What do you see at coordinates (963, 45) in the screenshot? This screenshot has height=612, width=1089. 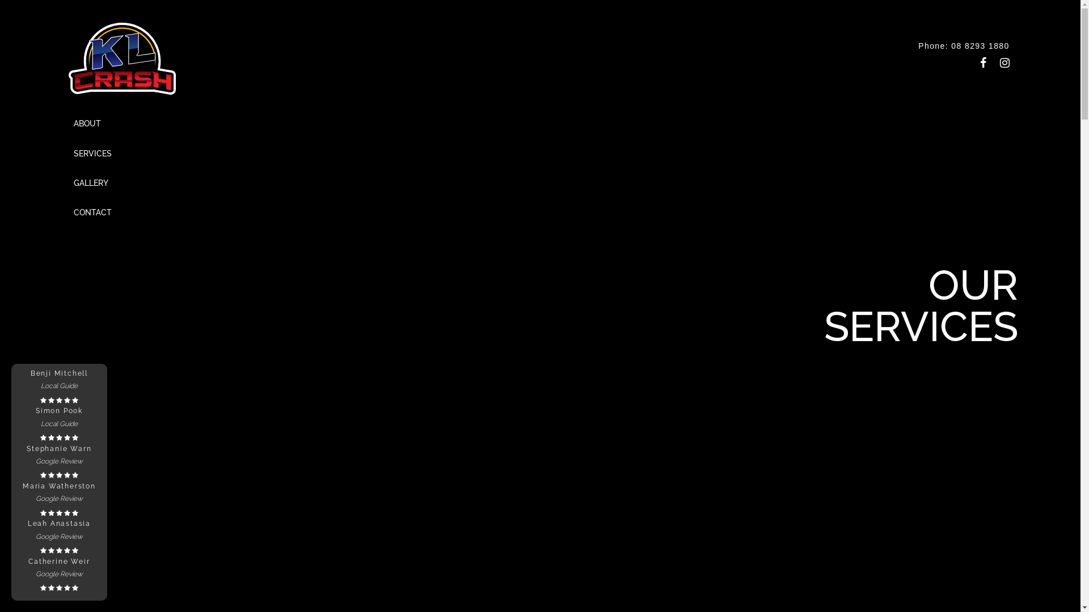 I see `'Phone: 08 8293 1880'` at bounding box center [963, 45].